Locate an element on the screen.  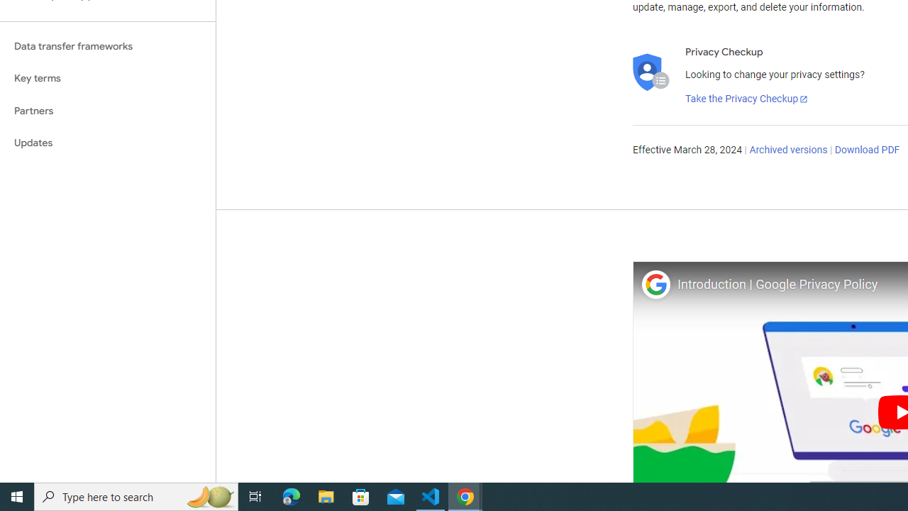
'Archived versions' is located at coordinates (787, 150).